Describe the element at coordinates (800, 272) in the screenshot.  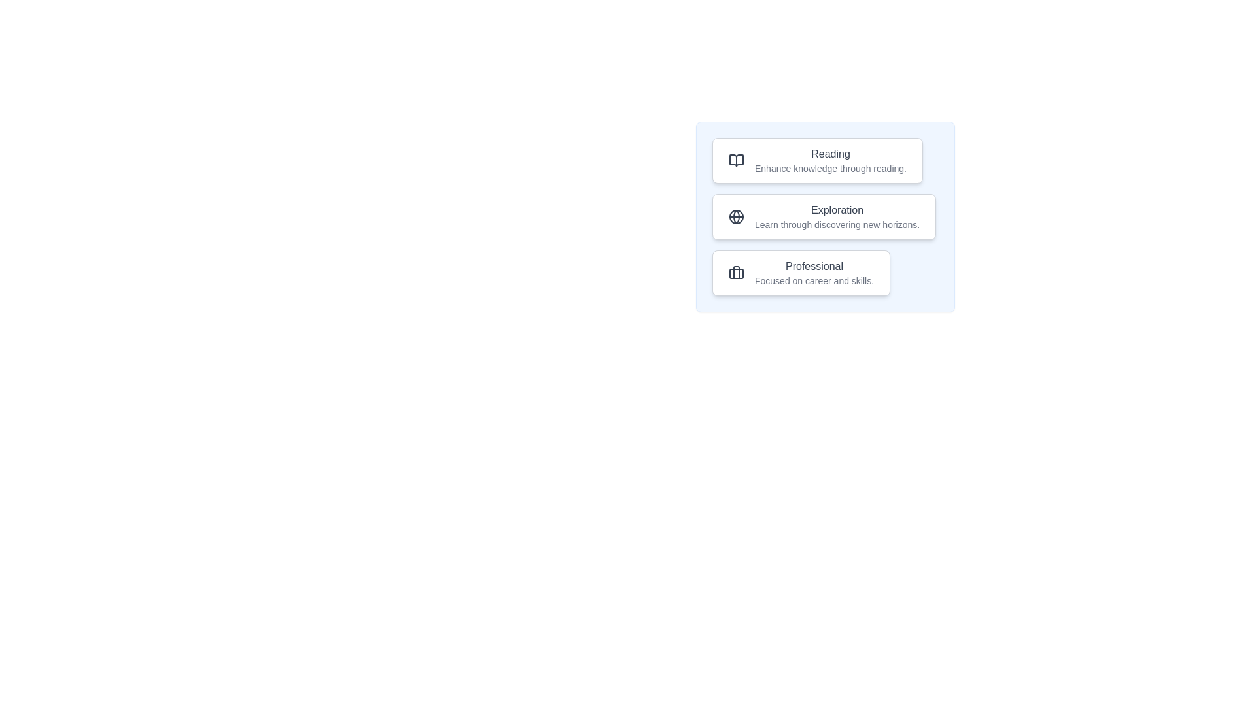
I see `the focus chip labeled Professional` at that location.